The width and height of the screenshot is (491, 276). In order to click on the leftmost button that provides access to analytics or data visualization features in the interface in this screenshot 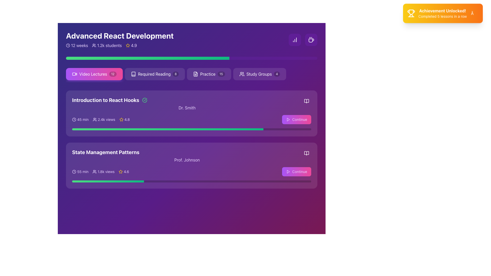, I will do `click(295, 39)`.